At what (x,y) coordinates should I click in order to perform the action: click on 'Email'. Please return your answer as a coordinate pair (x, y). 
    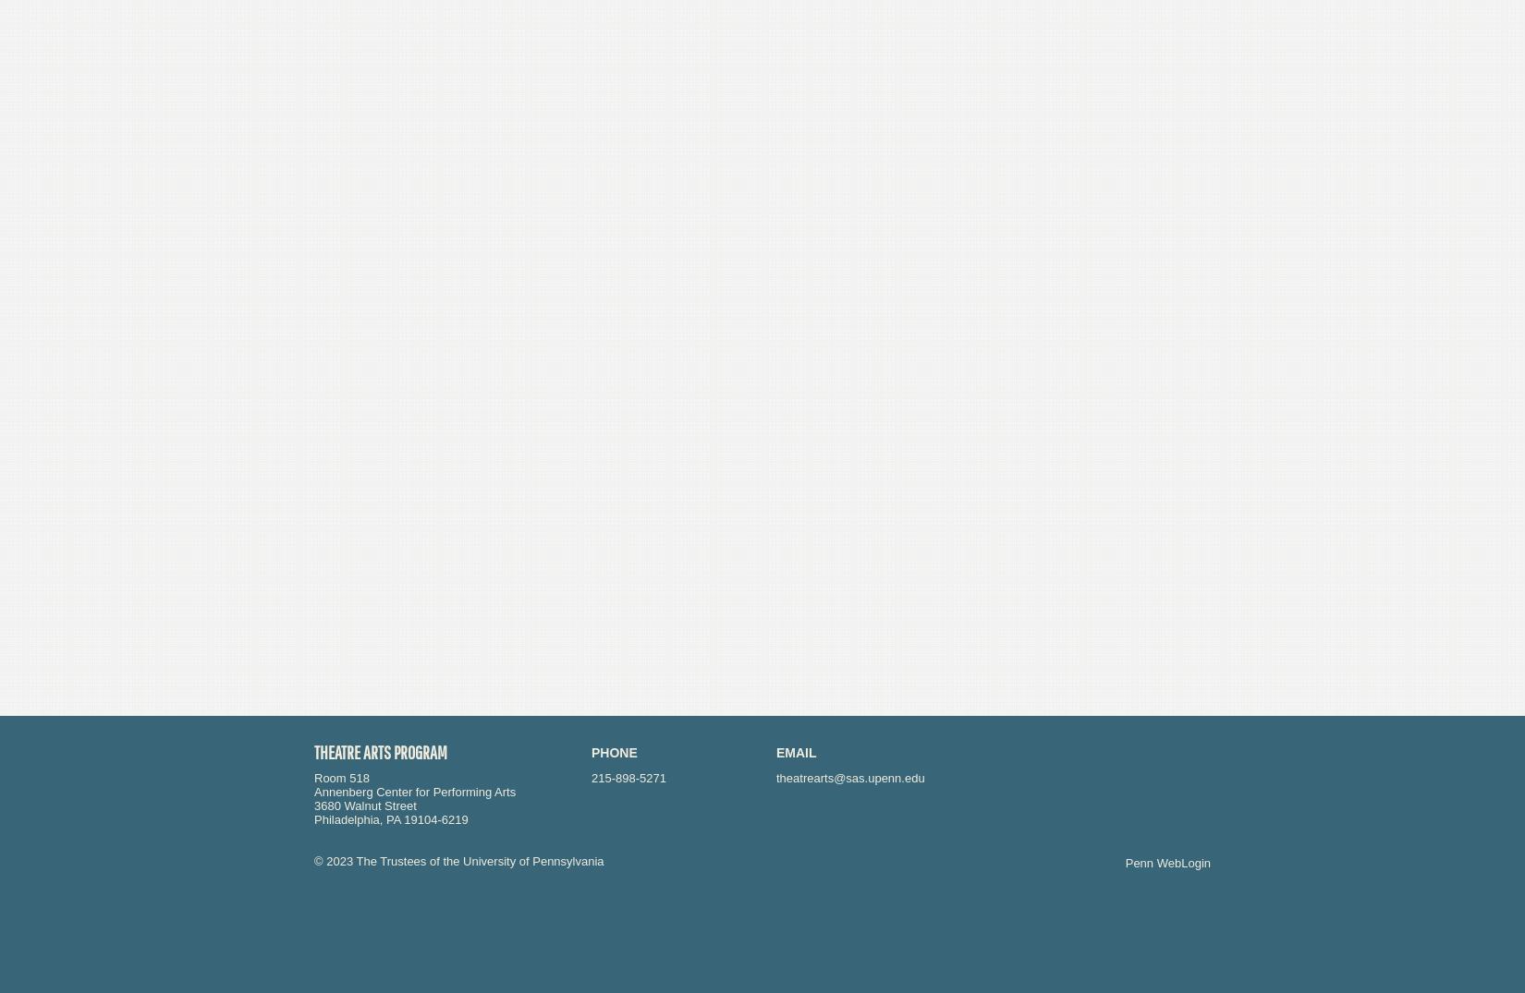
    Looking at the image, I should click on (776, 751).